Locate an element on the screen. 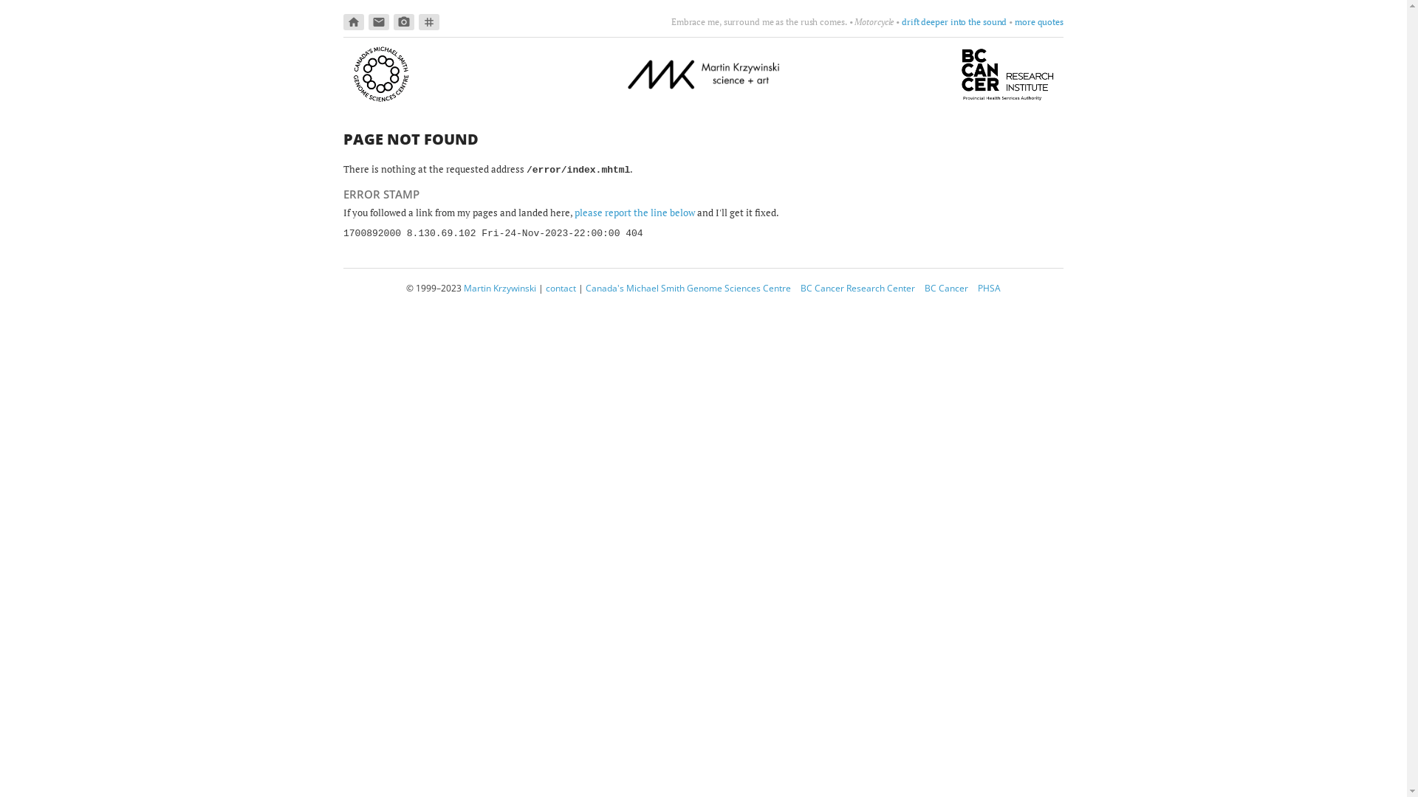 The image size is (1418, 797). 'more quotes' is located at coordinates (1038, 21).